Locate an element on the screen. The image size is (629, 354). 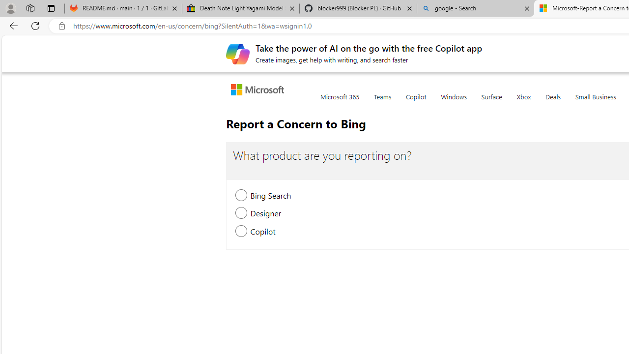
'Surface' is located at coordinates (491, 103).